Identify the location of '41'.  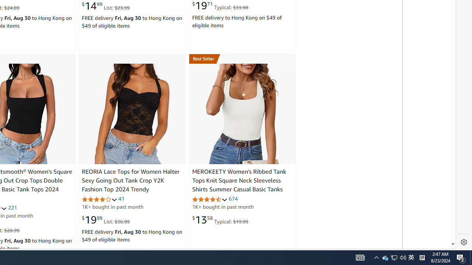
(121, 199).